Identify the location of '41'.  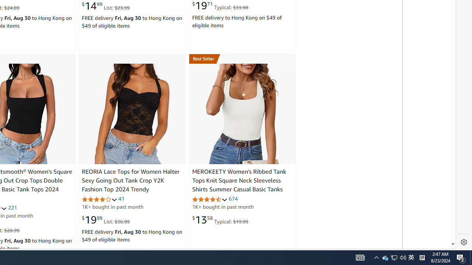
(121, 199).